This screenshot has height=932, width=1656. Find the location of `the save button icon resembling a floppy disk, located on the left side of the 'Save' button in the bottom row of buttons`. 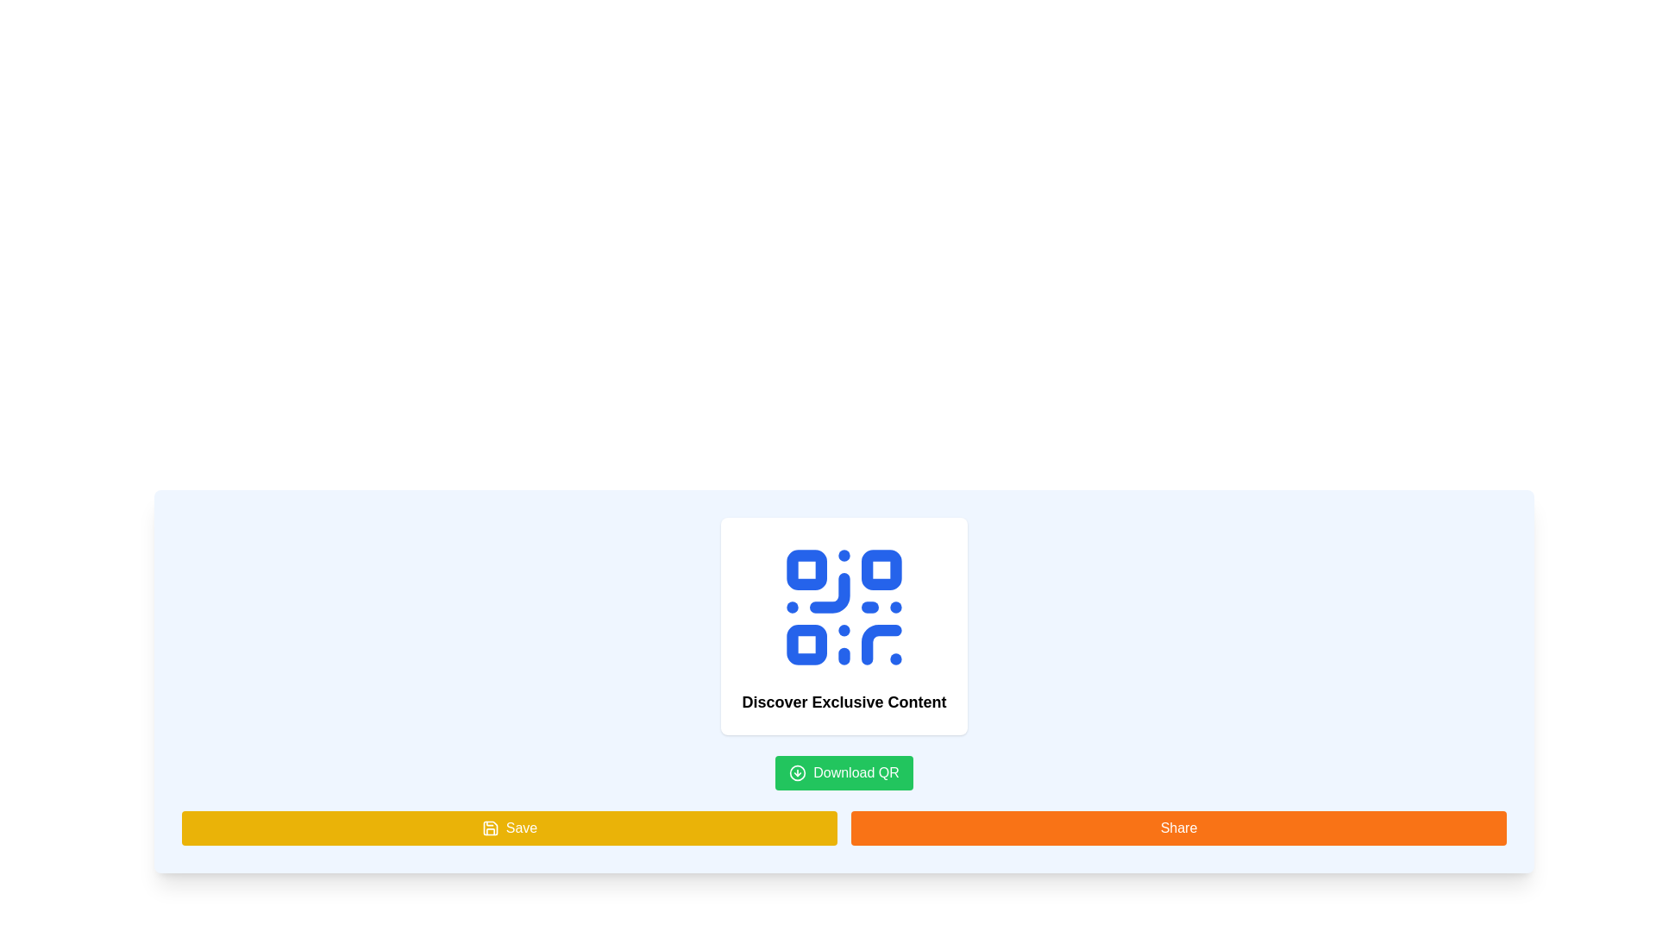

the save button icon resembling a floppy disk, located on the left side of the 'Save' button in the bottom row of buttons is located at coordinates (489, 828).